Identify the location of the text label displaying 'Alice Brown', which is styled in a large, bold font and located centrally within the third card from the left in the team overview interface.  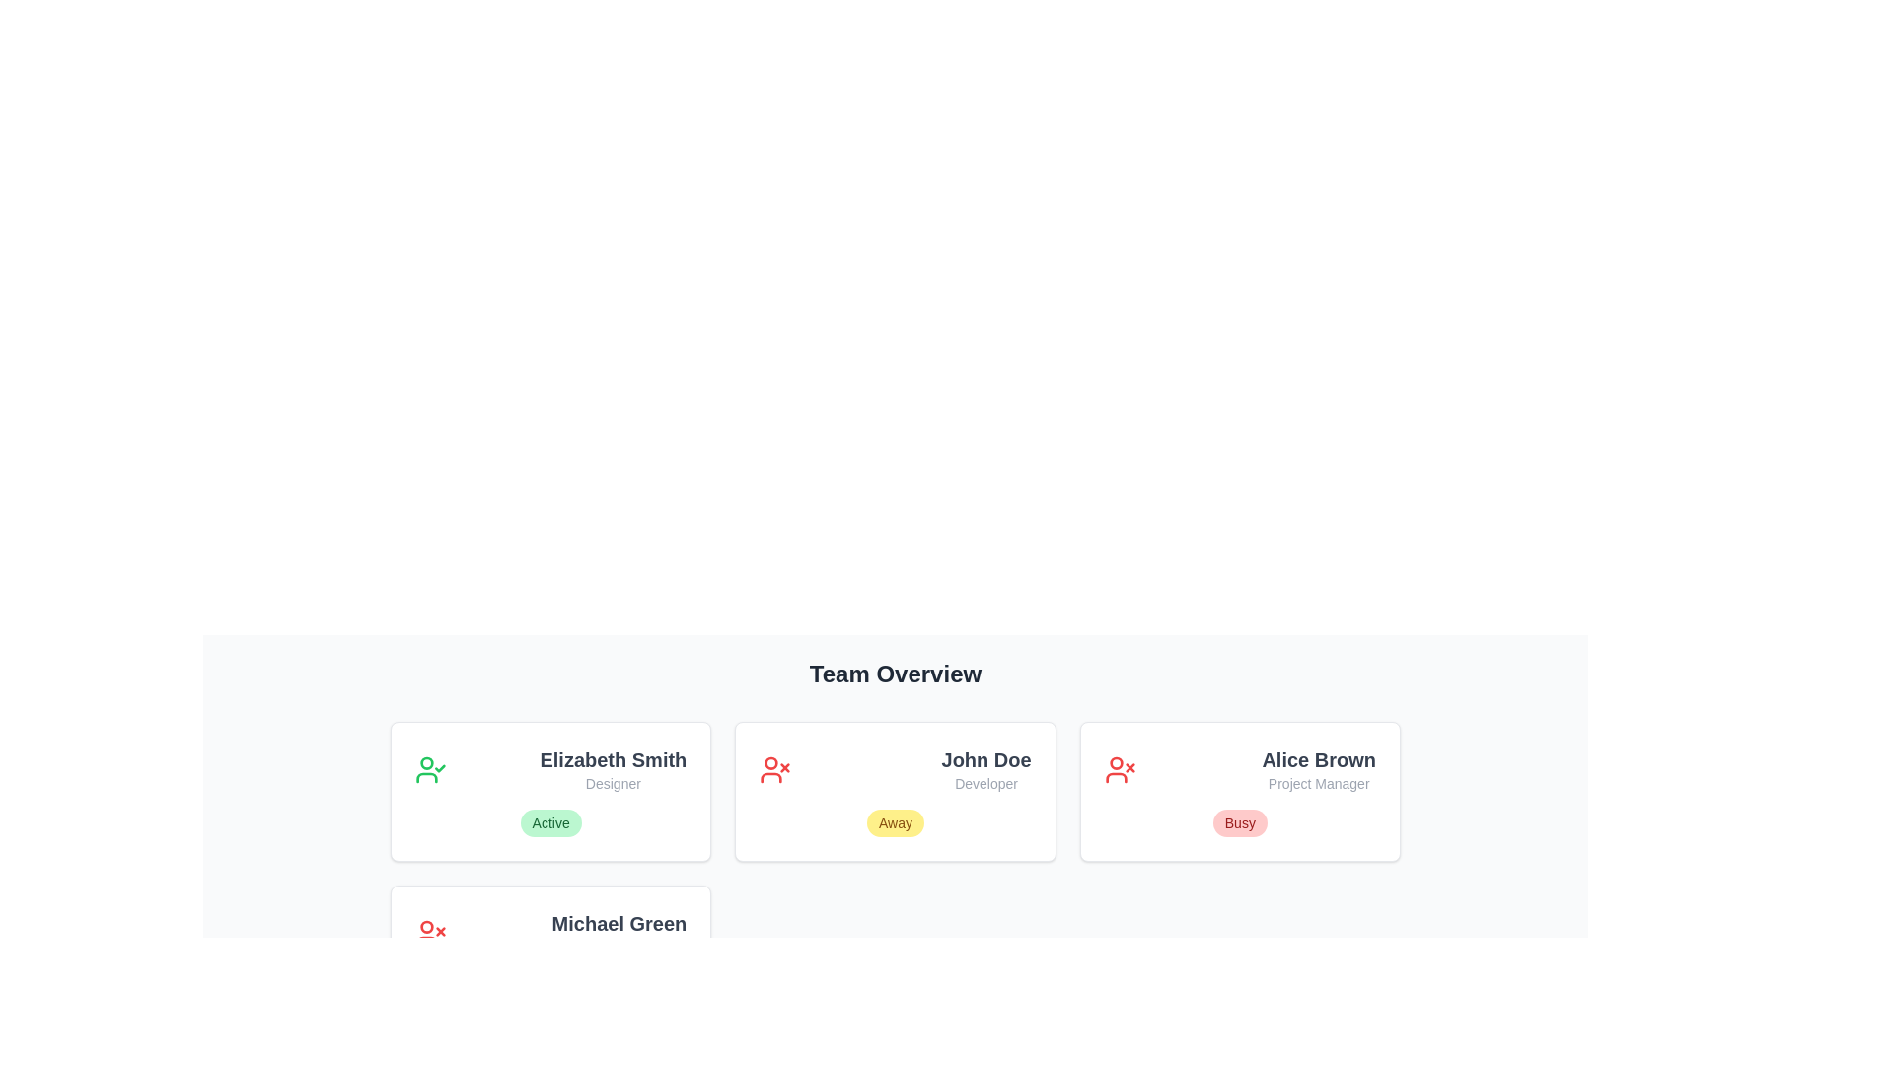
(1319, 759).